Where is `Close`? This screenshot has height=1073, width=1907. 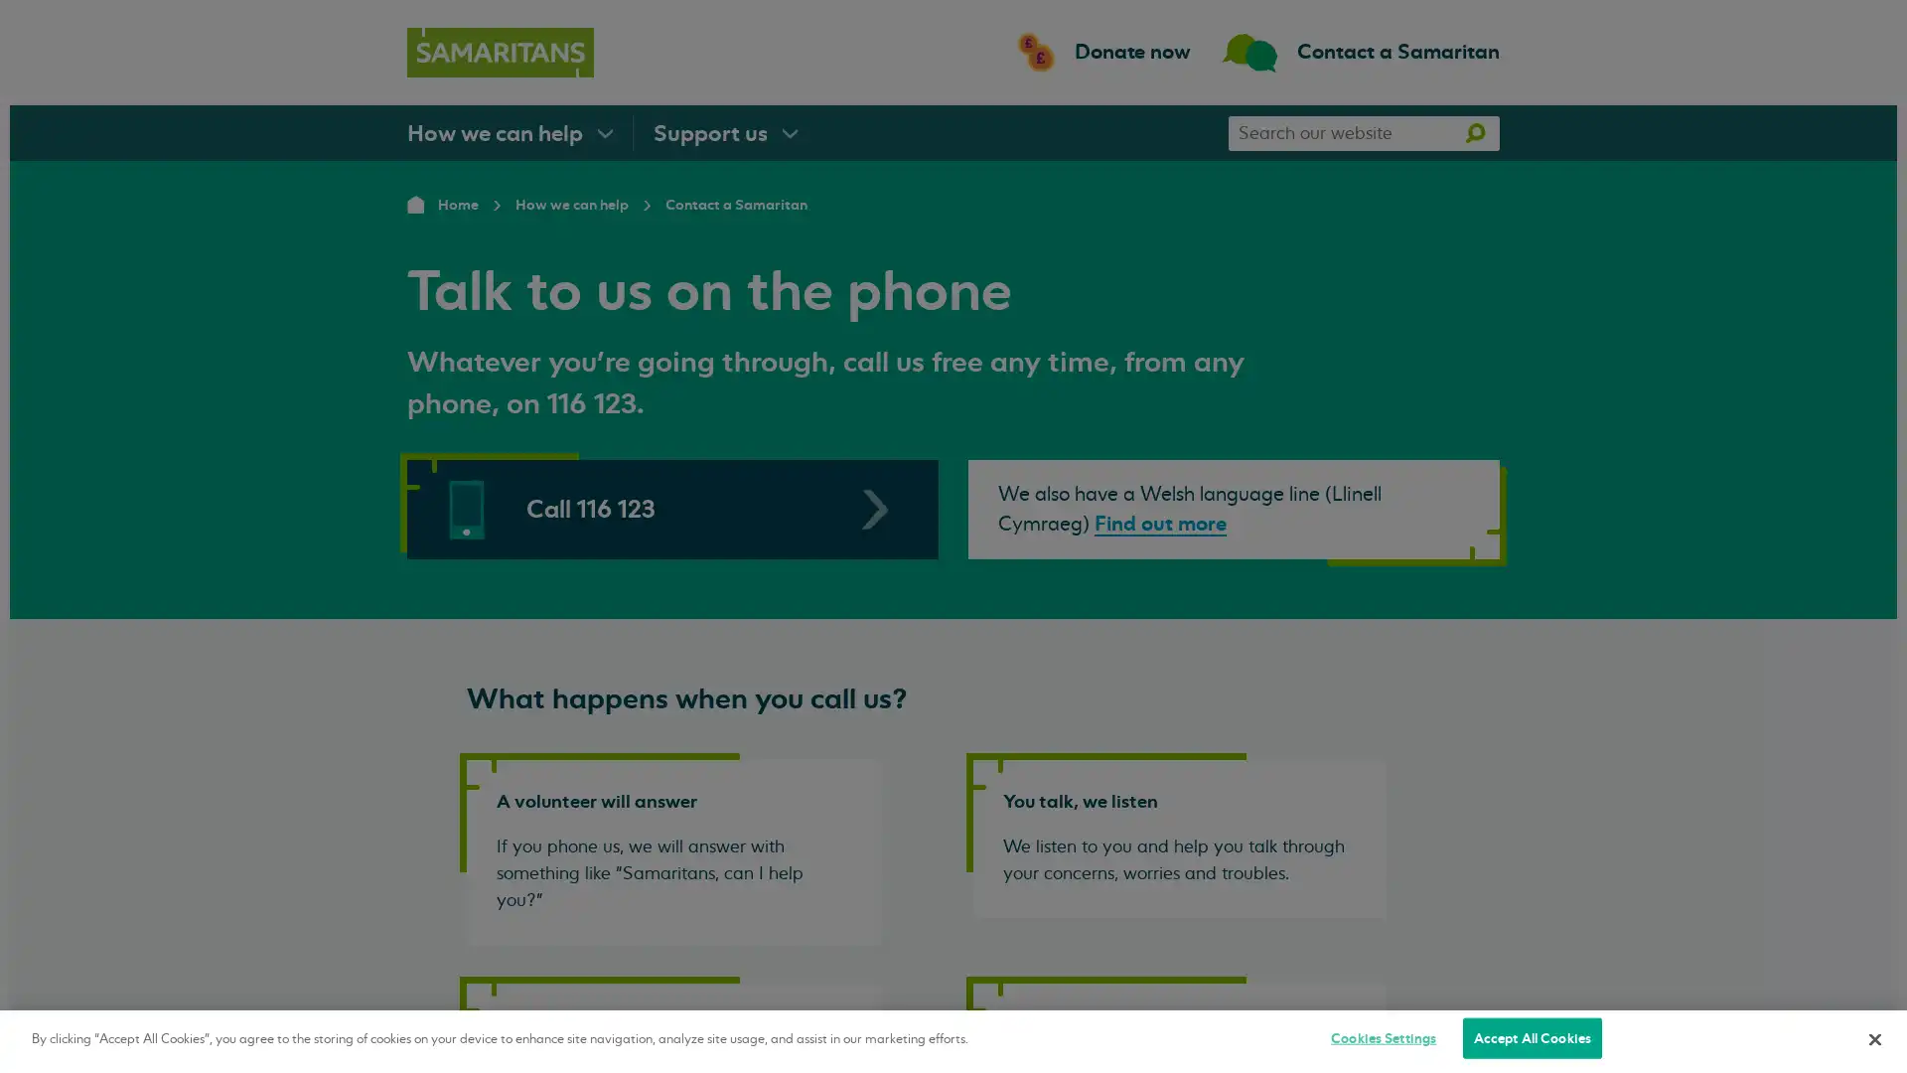 Close is located at coordinates (1873, 1037).